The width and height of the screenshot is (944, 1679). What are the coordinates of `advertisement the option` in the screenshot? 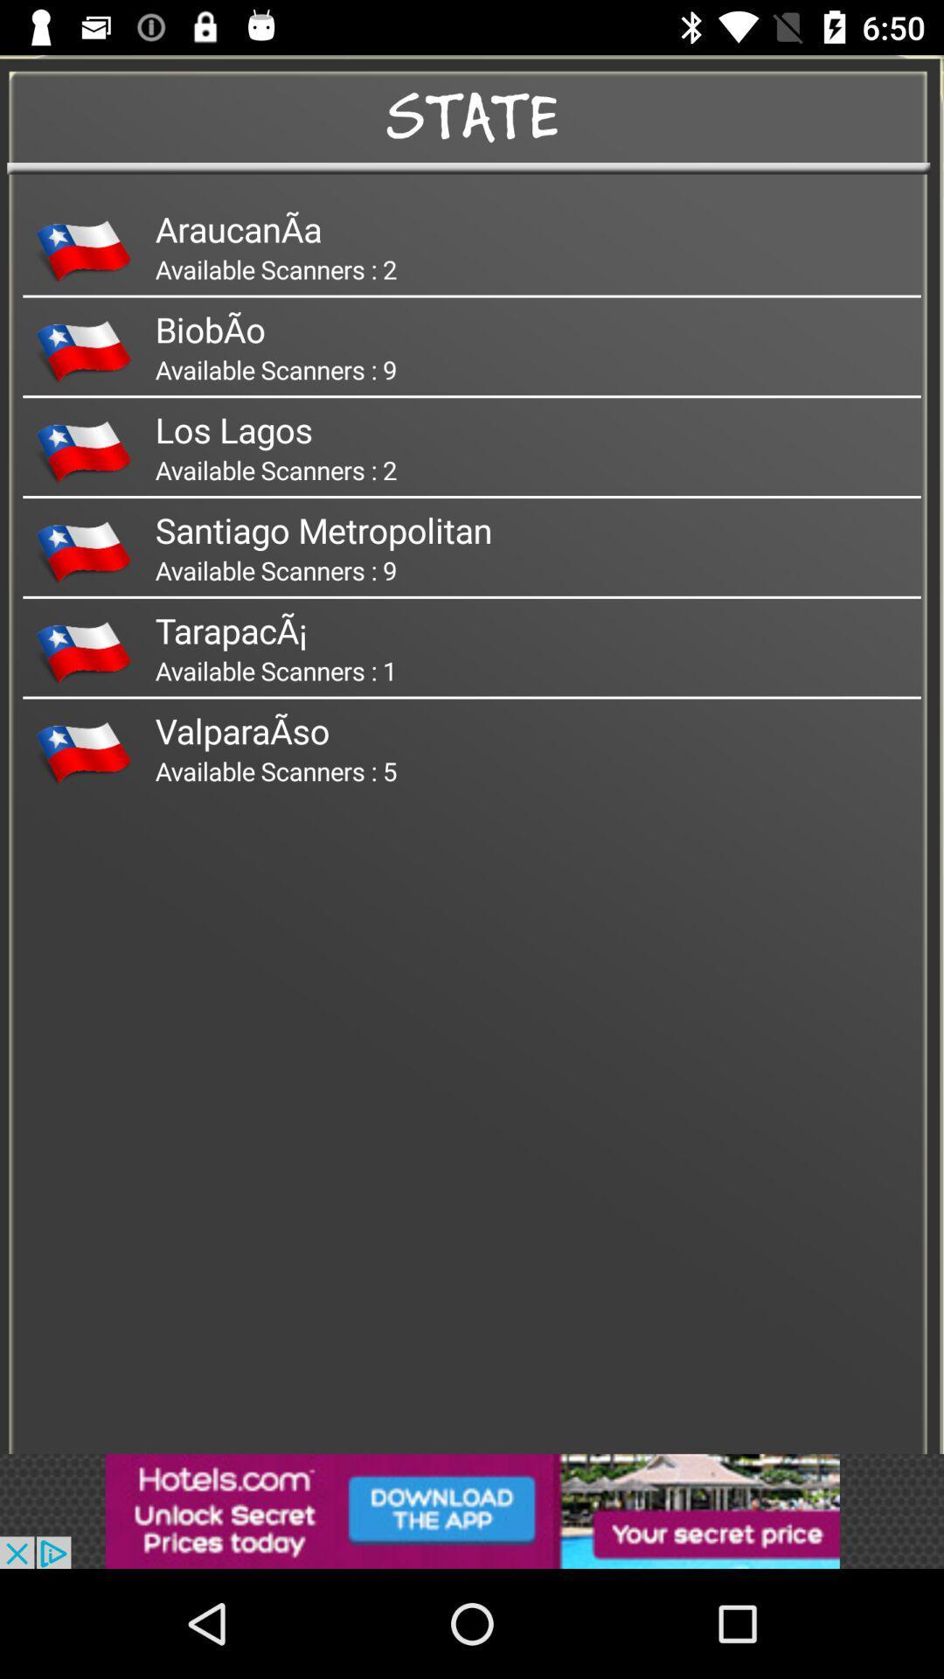 It's located at (472, 1510).